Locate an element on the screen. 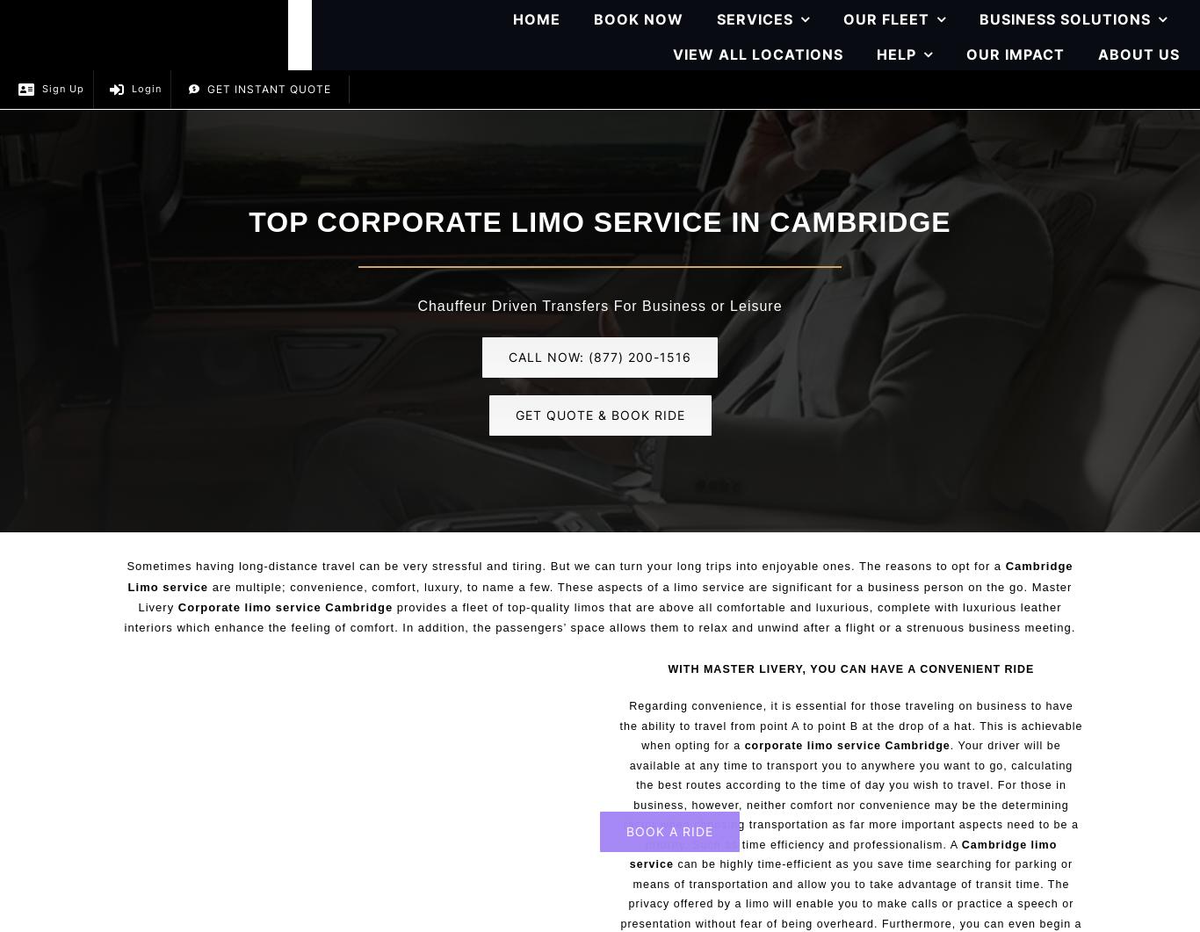 This screenshot has height=932, width=1200. 'Service Areas' is located at coordinates (1037, 312).